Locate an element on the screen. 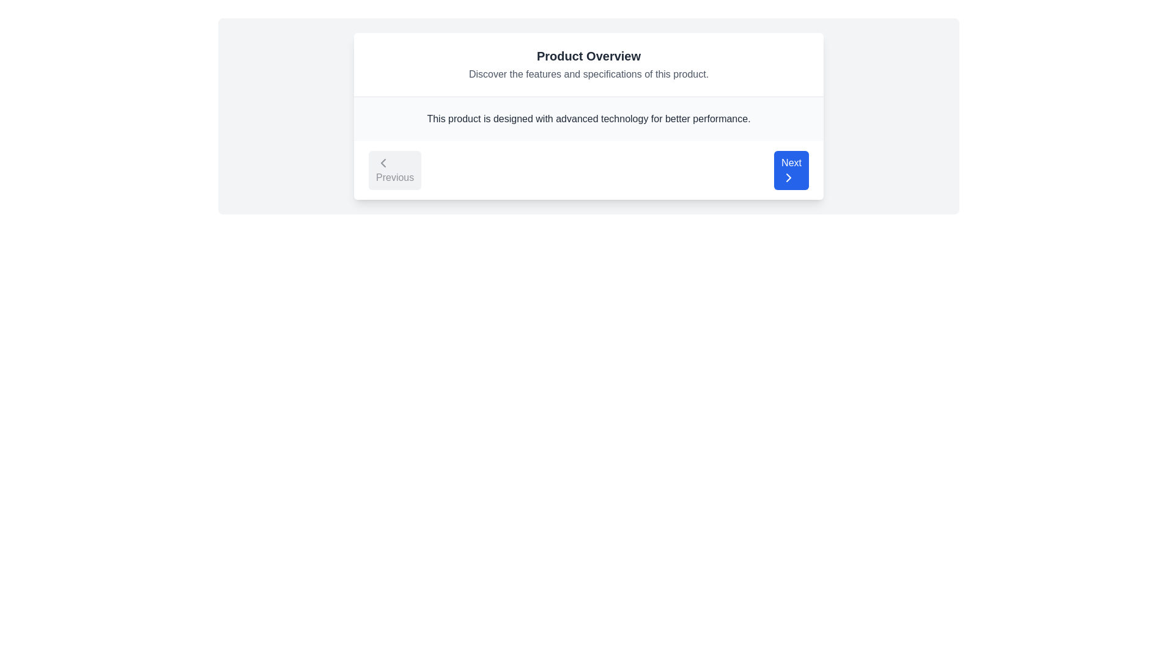 The image size is (1174, 660). the static text block that reads 'This product is designed with advanced technology for better performance.' which is centrally located below the 'Product Overview' header is located at coordinates (589, 119).